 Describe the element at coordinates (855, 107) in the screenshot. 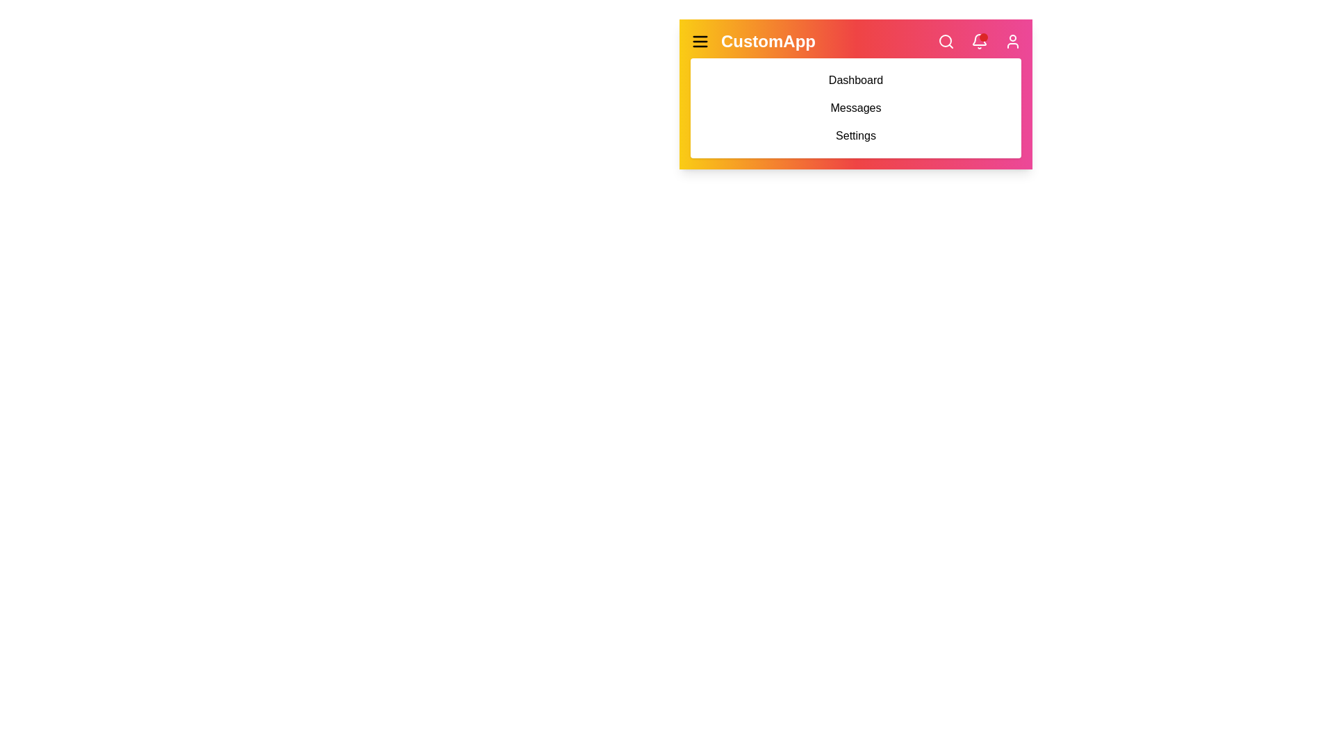

I see `the menu item Messages from the options 'Dashboard', 'Messages', and 'Settings'` at that location.